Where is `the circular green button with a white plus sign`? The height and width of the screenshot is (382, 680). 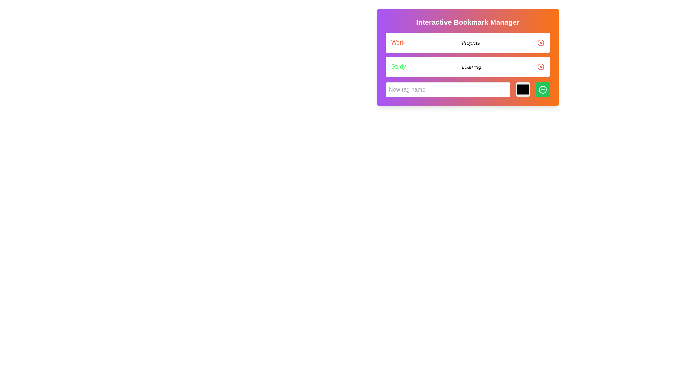
the circular green button with a white plus sign is located at coordinates (542, 89).